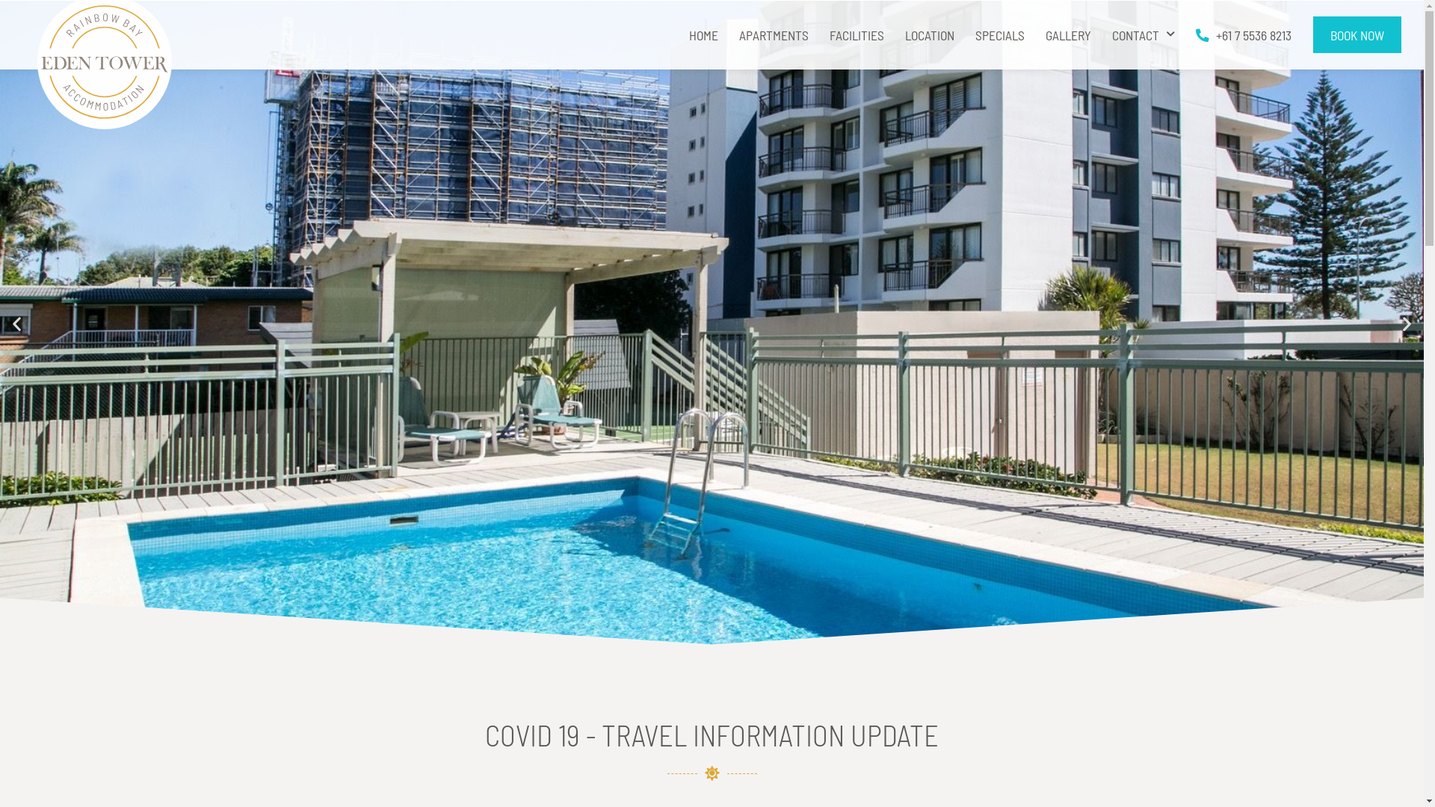  I want to click on 'GALLERY', so click(1067, 34).